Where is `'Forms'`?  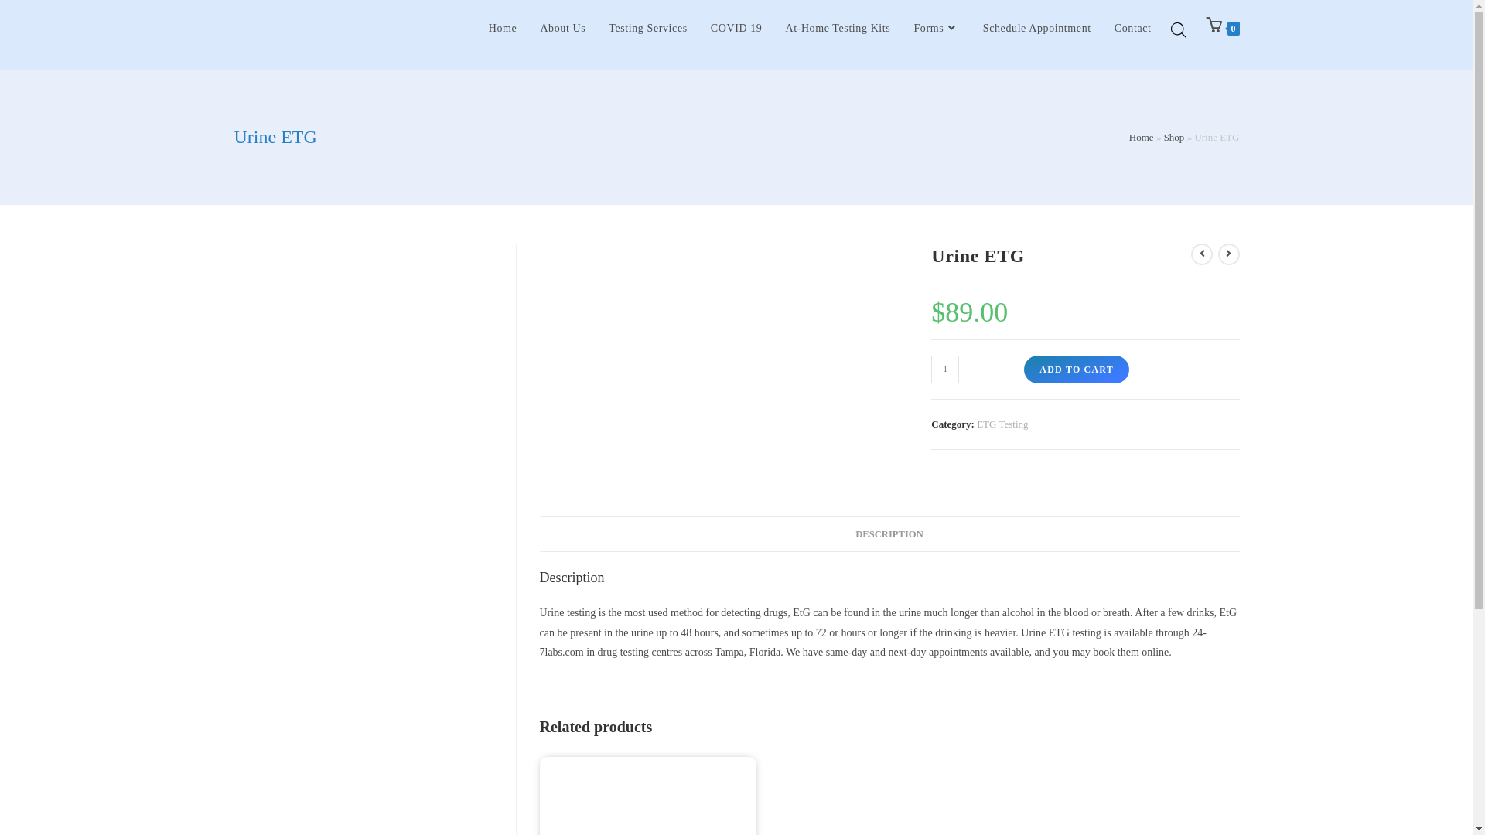
'Forms' is located at coordinates (902, 29).